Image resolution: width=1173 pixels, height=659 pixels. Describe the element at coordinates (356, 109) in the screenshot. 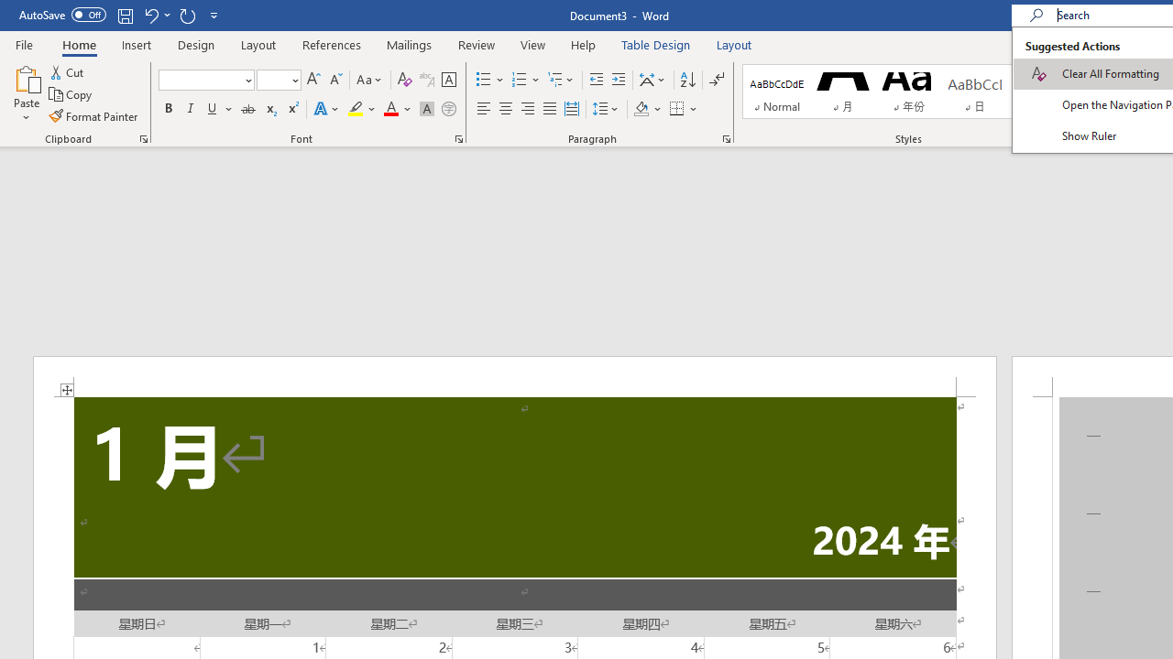

I see `'Text Highlight Color Yellow'` at that location.